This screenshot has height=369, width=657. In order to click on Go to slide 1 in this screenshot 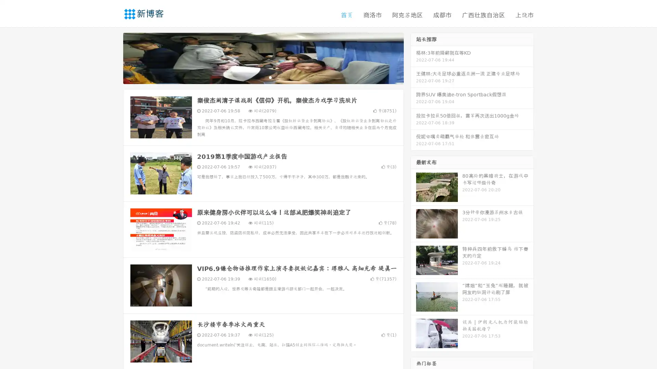, I will do `click(256, 77)`.